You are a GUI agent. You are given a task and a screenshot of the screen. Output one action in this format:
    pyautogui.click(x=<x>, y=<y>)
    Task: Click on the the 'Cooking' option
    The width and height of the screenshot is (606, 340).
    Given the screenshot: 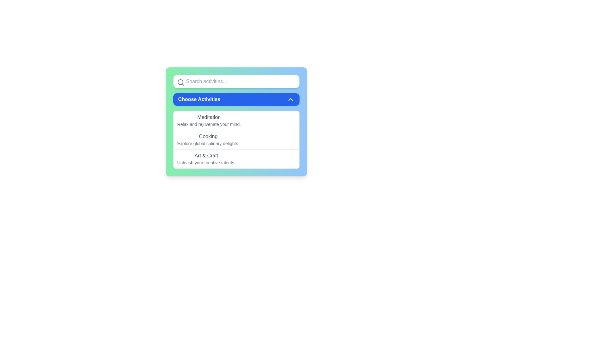 What is the action you would take?
    pyautogui.click(x=208, y=139)
    